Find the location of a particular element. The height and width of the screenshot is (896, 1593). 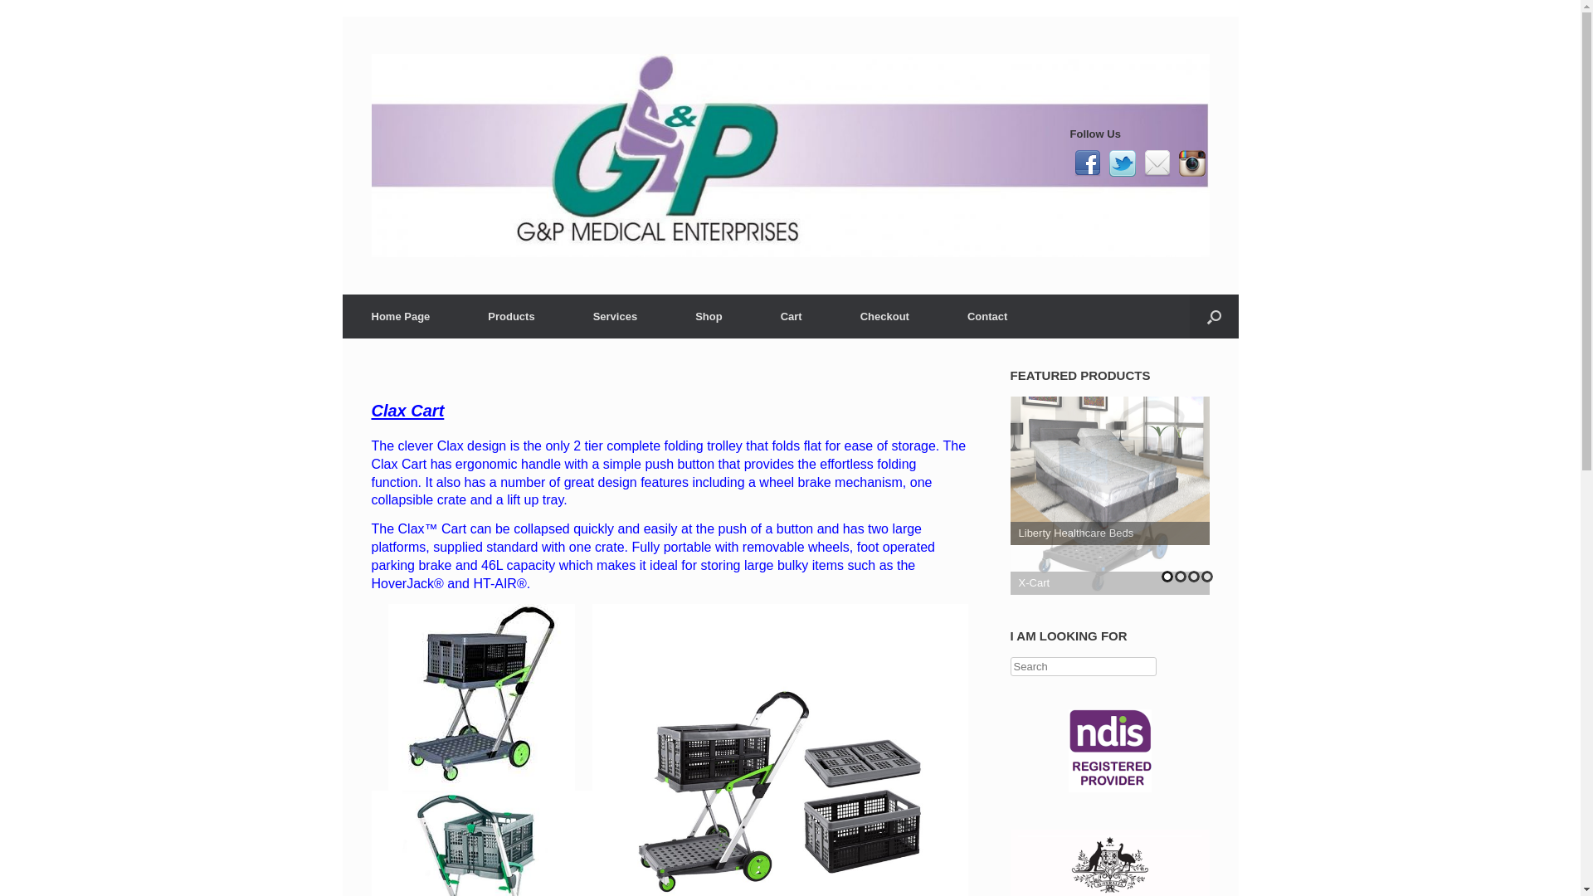

'3' is located at coordinates (1193, 575).